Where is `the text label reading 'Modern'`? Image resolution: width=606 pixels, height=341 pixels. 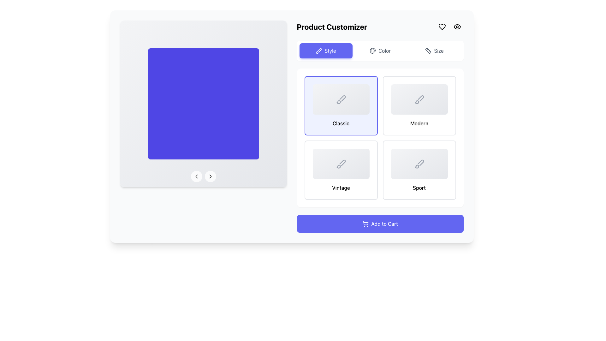
the text label reading 'Modern' is located at coordinates (419, 123).